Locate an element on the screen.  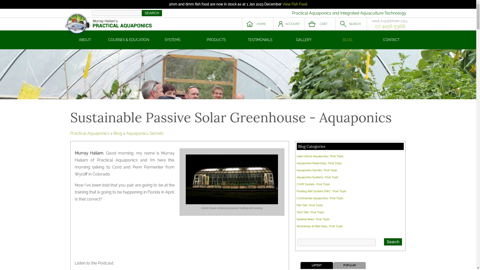
'BLOG' is located at coordinates (347, 39).